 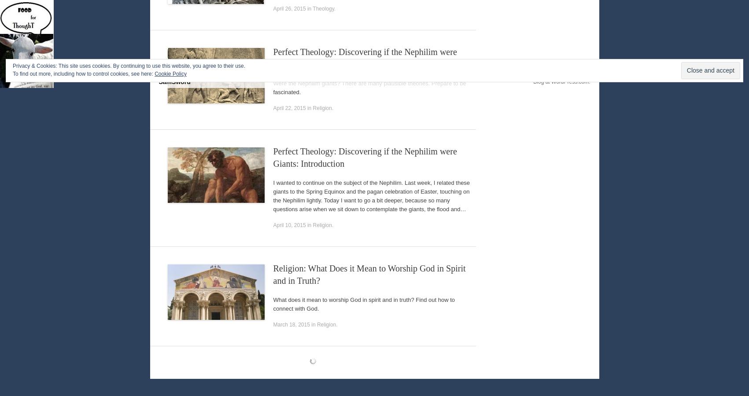 What do you see at coordinates (561, 103) in the screenshot?
I see `'Blog at WordPress.com.'` at bounding box center [561, 103].